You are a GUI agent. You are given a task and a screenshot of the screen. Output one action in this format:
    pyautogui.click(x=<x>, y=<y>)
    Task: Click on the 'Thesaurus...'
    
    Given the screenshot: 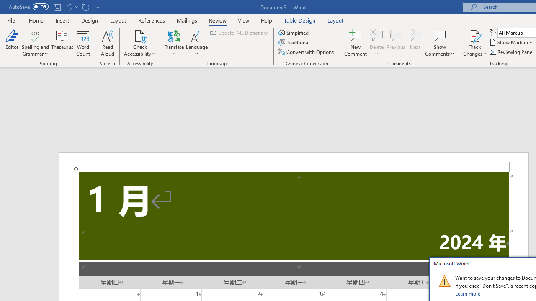 What is the action you would take?
    pyautogui.click(x=62, y=43)
    